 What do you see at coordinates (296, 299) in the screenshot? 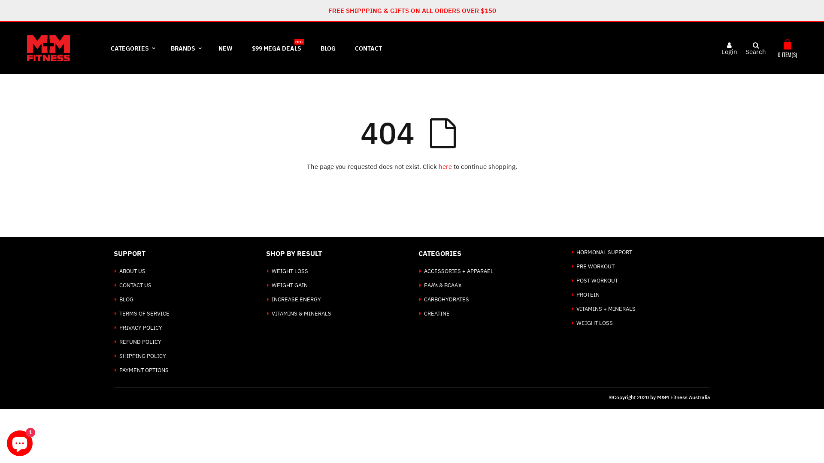
I see `'INCREASE ENERGY'` at bounding box center [296, 299].